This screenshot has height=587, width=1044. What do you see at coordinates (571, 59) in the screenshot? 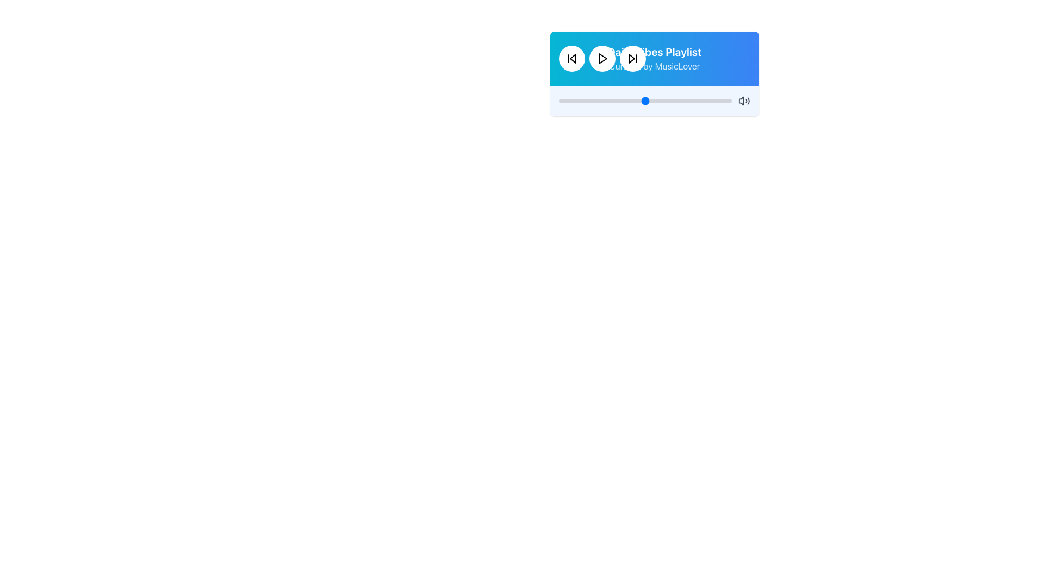
I see `the previous track button in the media player` at bounding box center [571, 59].